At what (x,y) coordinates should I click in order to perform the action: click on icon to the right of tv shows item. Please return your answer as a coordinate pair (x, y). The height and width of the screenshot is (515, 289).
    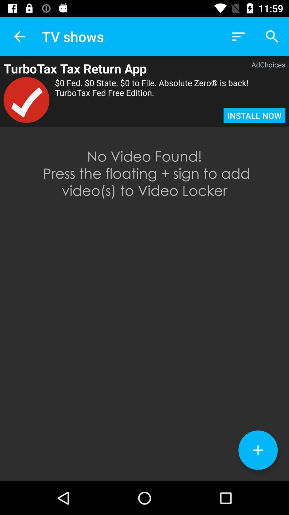
    Looking at the image, I should click on (238, 36).